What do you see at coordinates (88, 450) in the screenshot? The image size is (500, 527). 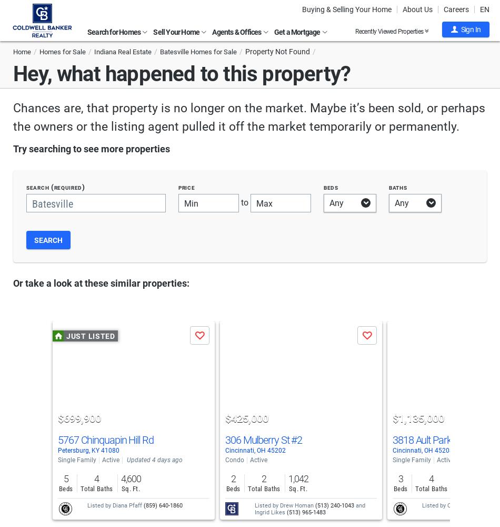 I see `'Petersburg, KY 41080'` at bounding box center [88, 450].